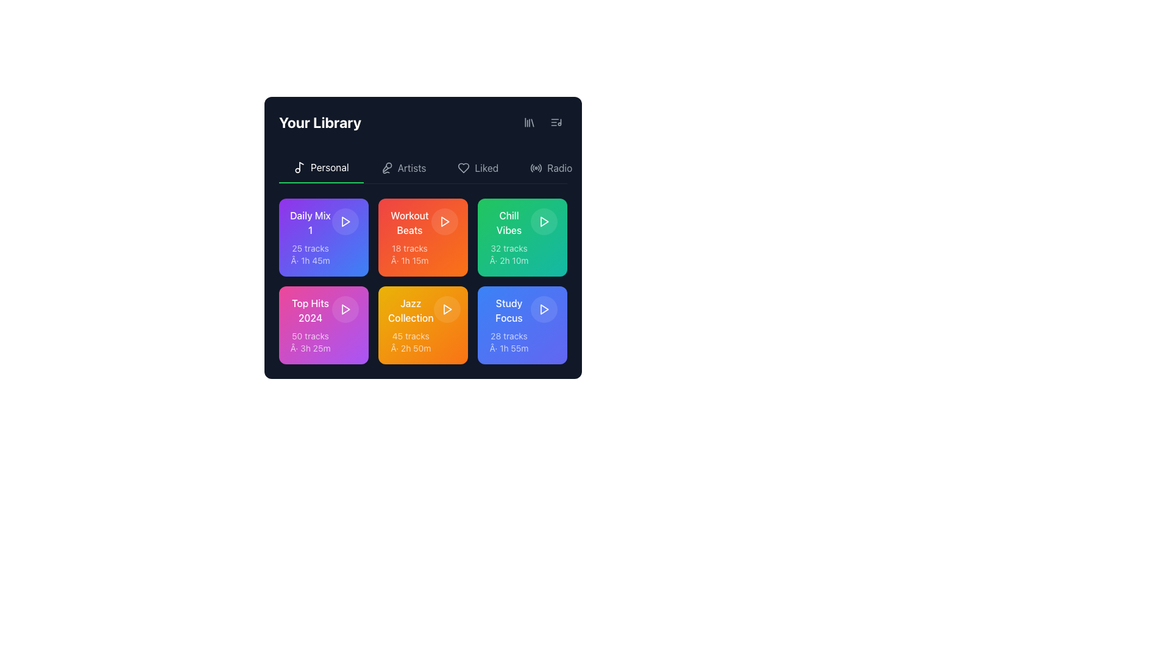  Describe the element at coordinates (543, 309) in the screenshot. I see `the triangular play icon button with a white color on a blue circular background located` at that location.